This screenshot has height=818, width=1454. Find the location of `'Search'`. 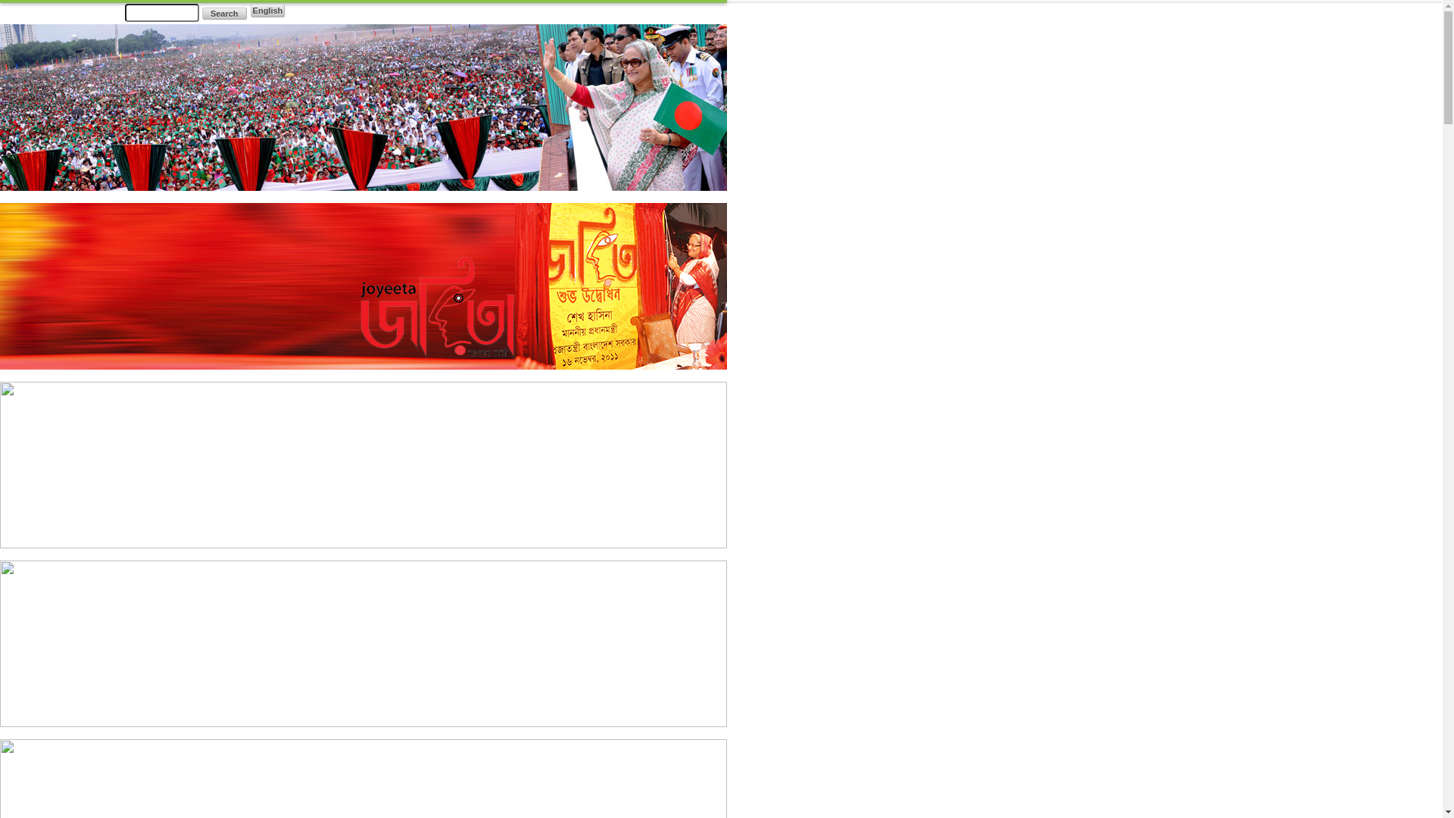

'Search' is located at coordinates (223, 14).